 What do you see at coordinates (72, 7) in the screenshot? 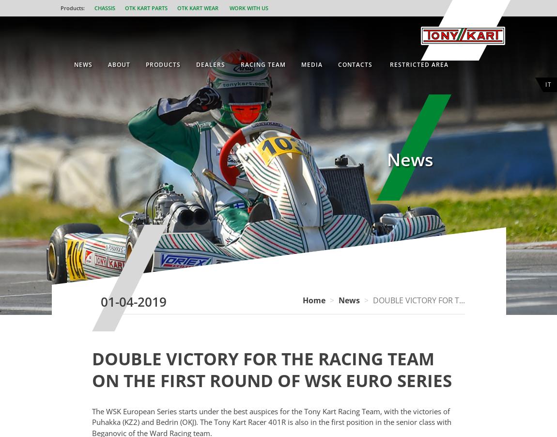
I see `'Products:'` at bounding box center [72, 7].